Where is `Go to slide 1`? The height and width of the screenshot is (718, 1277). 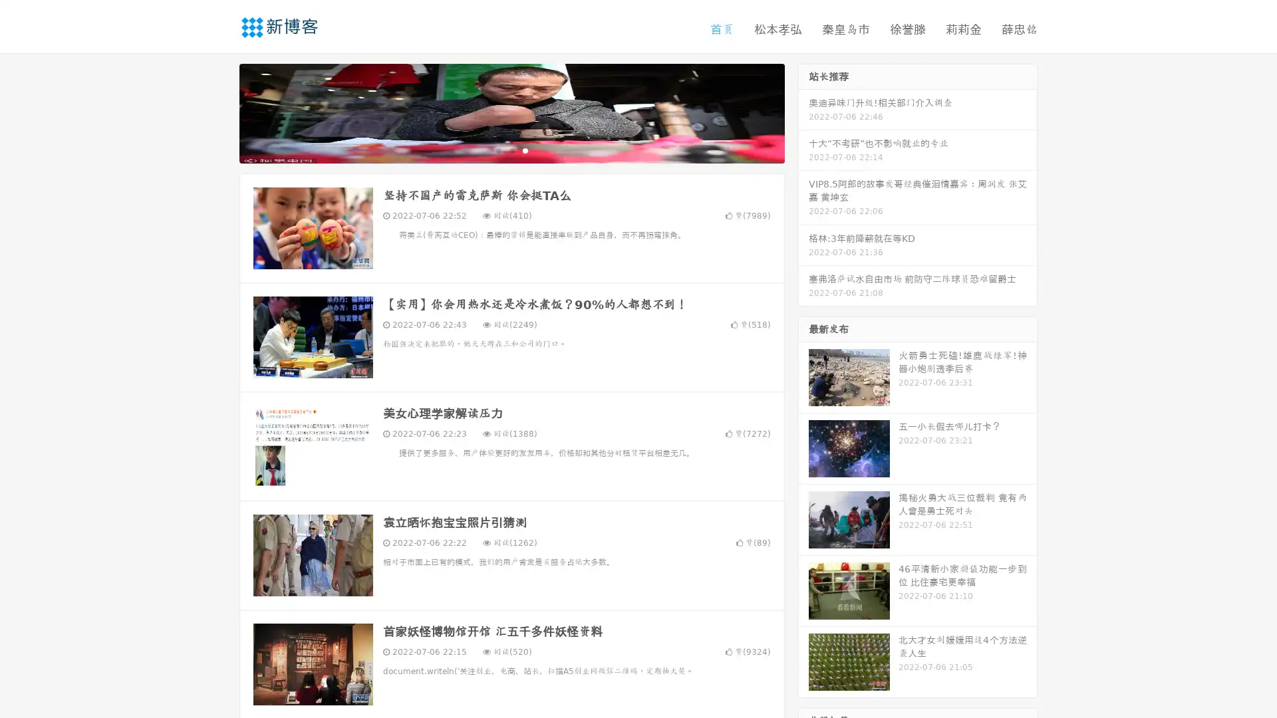
Go to slide 1 is located at coordinates (497, 150).